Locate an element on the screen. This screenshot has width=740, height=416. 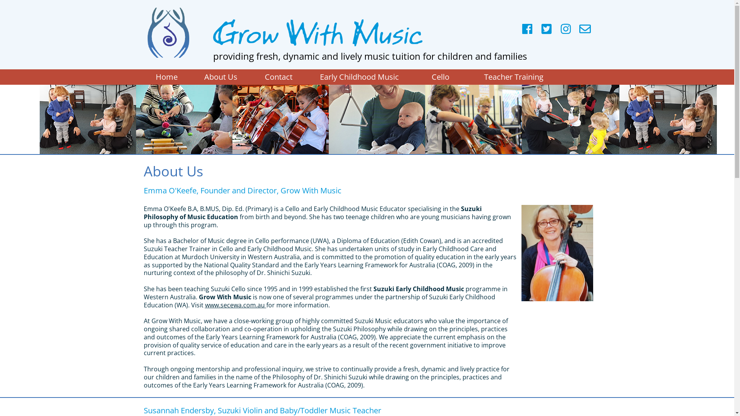
'Contact' is located at coordinates (277, 77).